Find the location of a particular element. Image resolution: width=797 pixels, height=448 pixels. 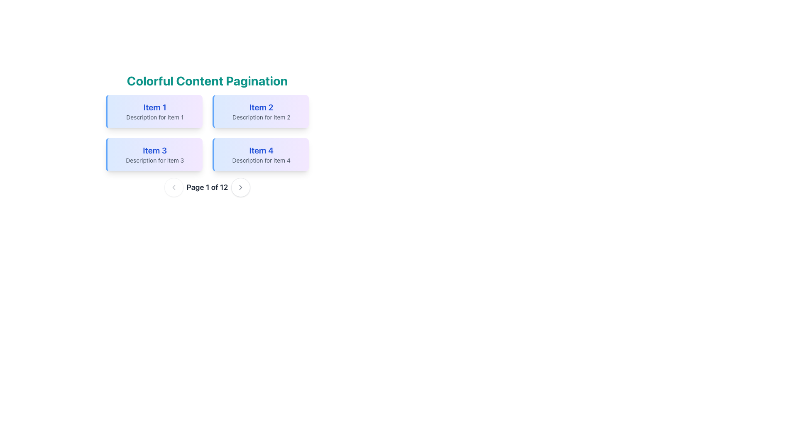

the Content card, which is the last card in a grid of four cards located in the second row and second column, adjacent to 'Item 3' on the left and beneath 'Item 2' is located at coordinates (260, 155).